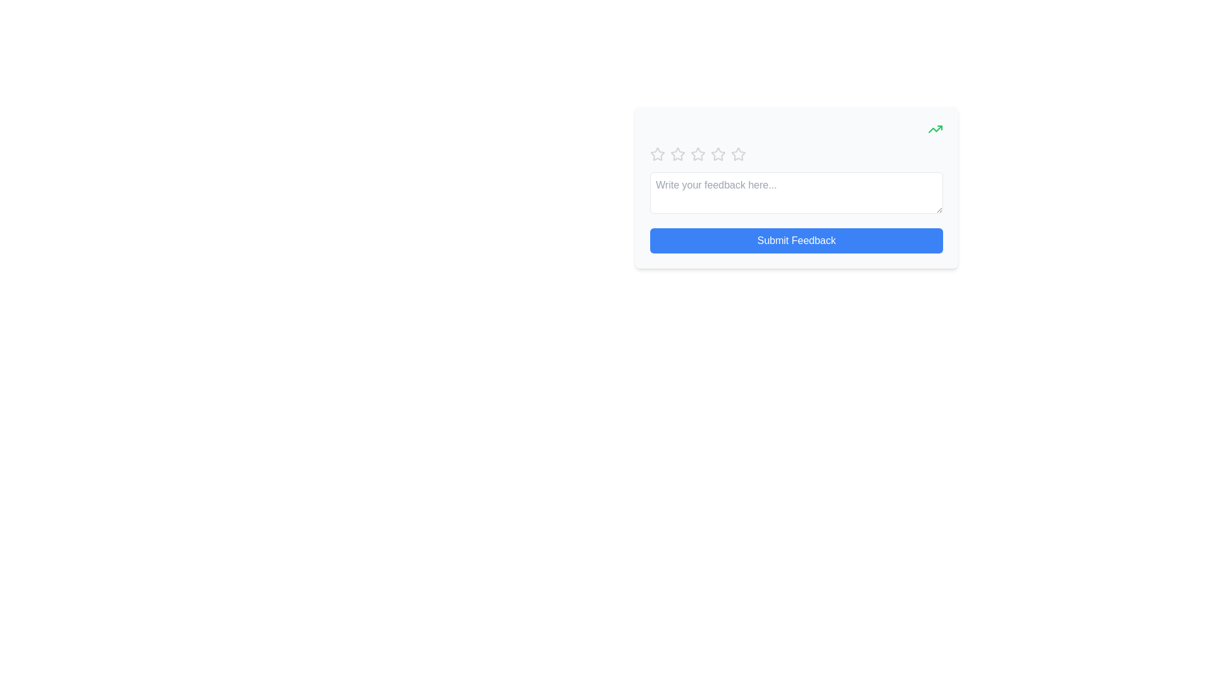 The height and width of the screenshot is (681, 1212). What do you see at coordinates (936, 129) in the screenshot?
I see `small, green upward-pointing trend line graphic located in the top-right corner of the feedback widget for debugging purposes` at bounding box center [936, 129].